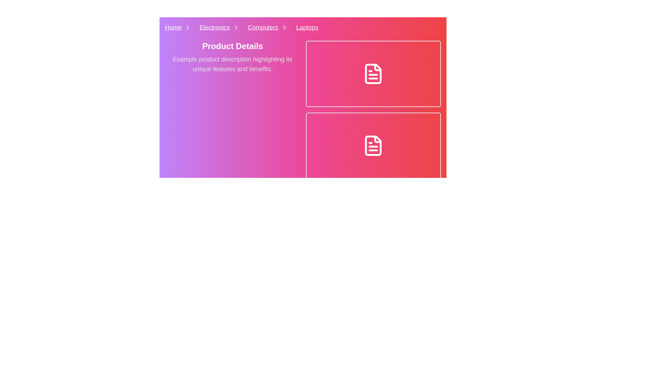  Describe the element at coordinates (285, 27) in the screenshot. I see `the chevron icon in the breadcrumb navigation that visually separates 'Computers' and 'Laptops' text elements` at that location.